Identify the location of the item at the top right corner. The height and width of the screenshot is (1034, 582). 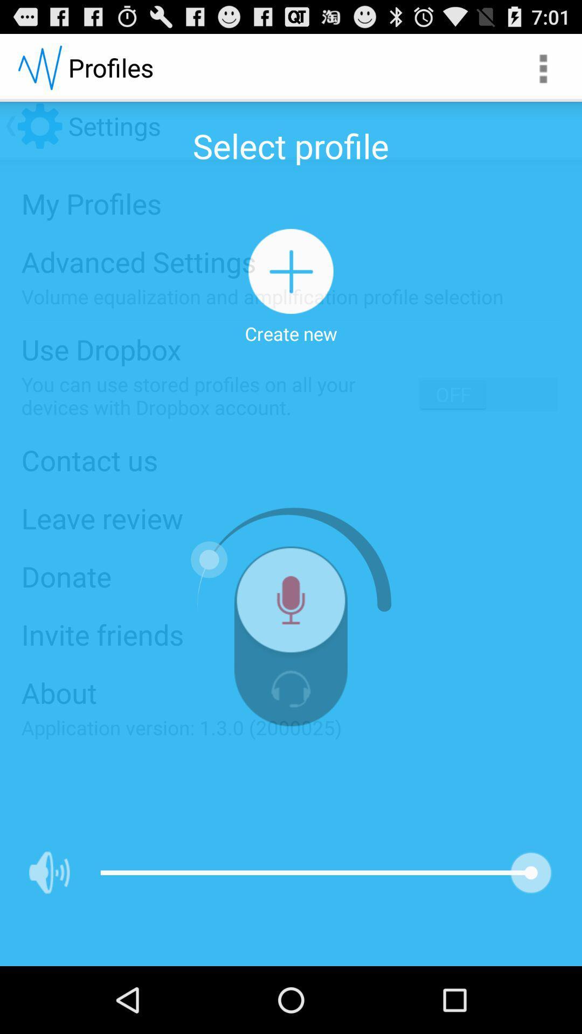
(542, 67).